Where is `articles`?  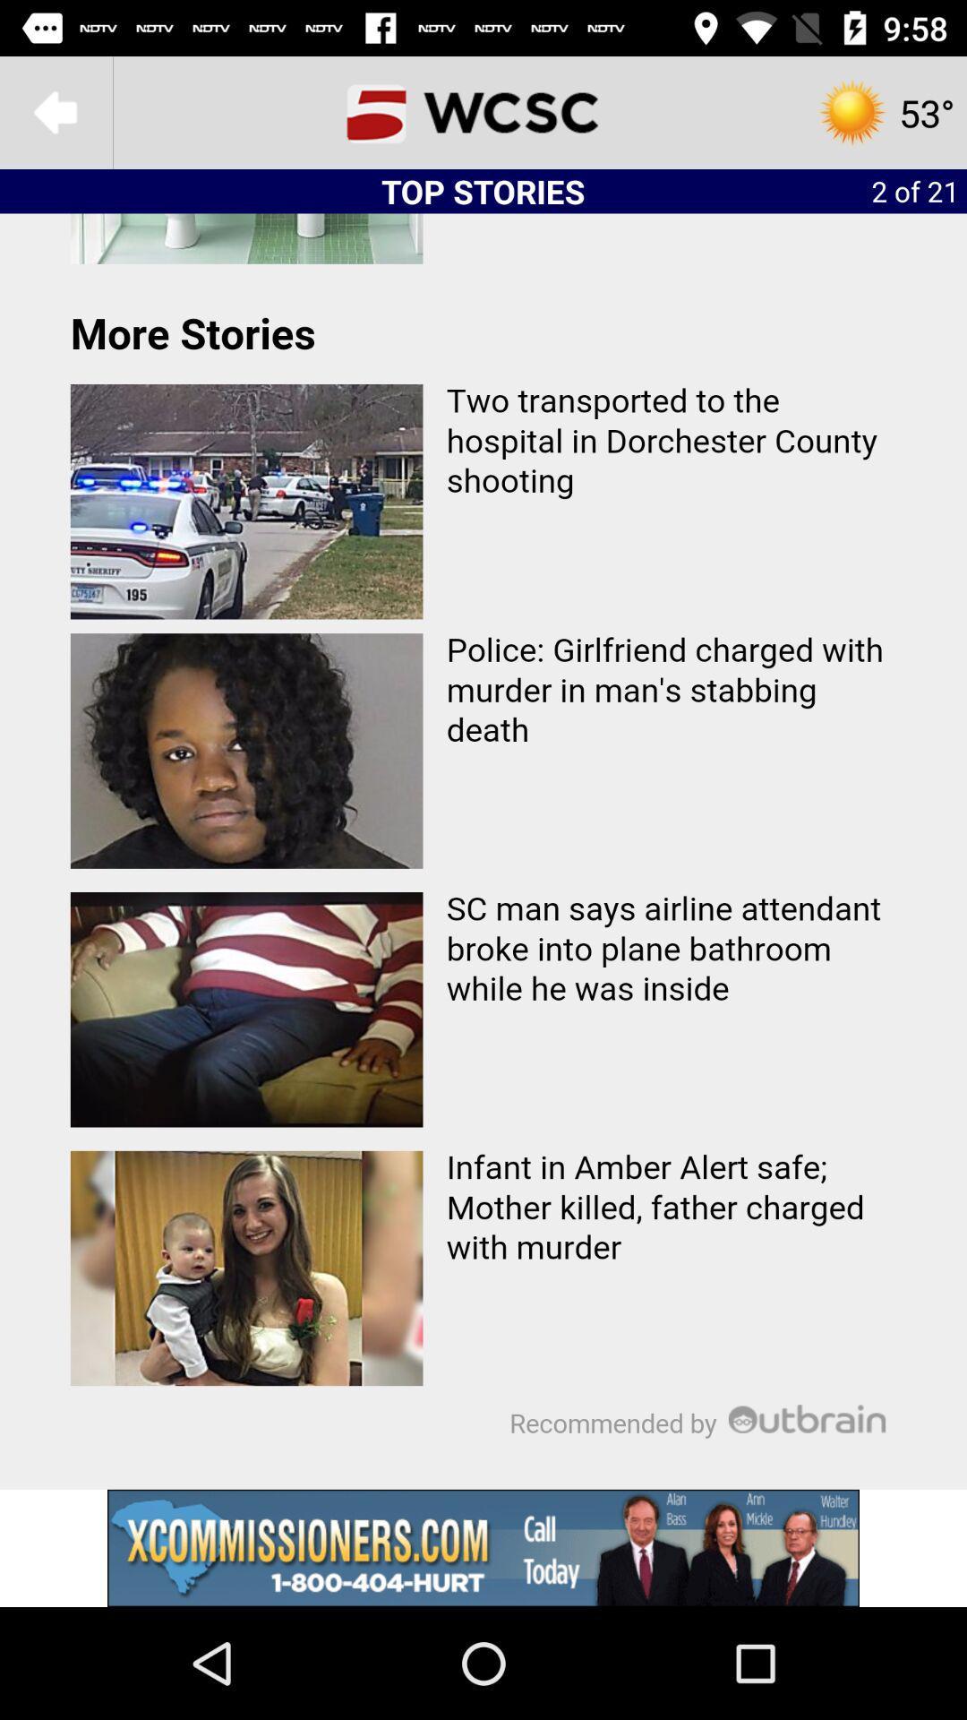
articles is located at coordinates (483, 850).